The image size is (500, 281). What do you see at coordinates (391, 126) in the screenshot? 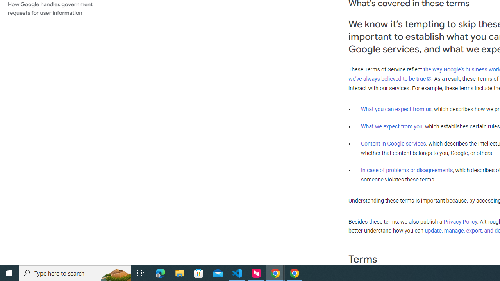
I see `'What we expect from you'` at bounding box center [391, 126].